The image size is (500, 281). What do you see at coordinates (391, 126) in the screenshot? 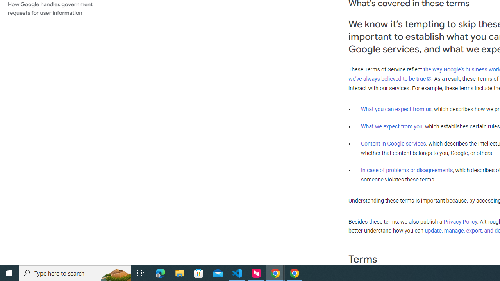
I see `'What we expect from you'` at bounding box center [391, 126].